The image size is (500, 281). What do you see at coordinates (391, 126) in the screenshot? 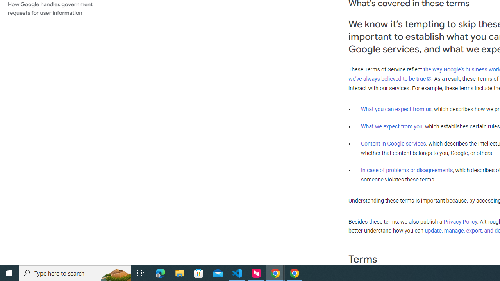
I see `'What we expect from you'` at bounding box center [391, 126].